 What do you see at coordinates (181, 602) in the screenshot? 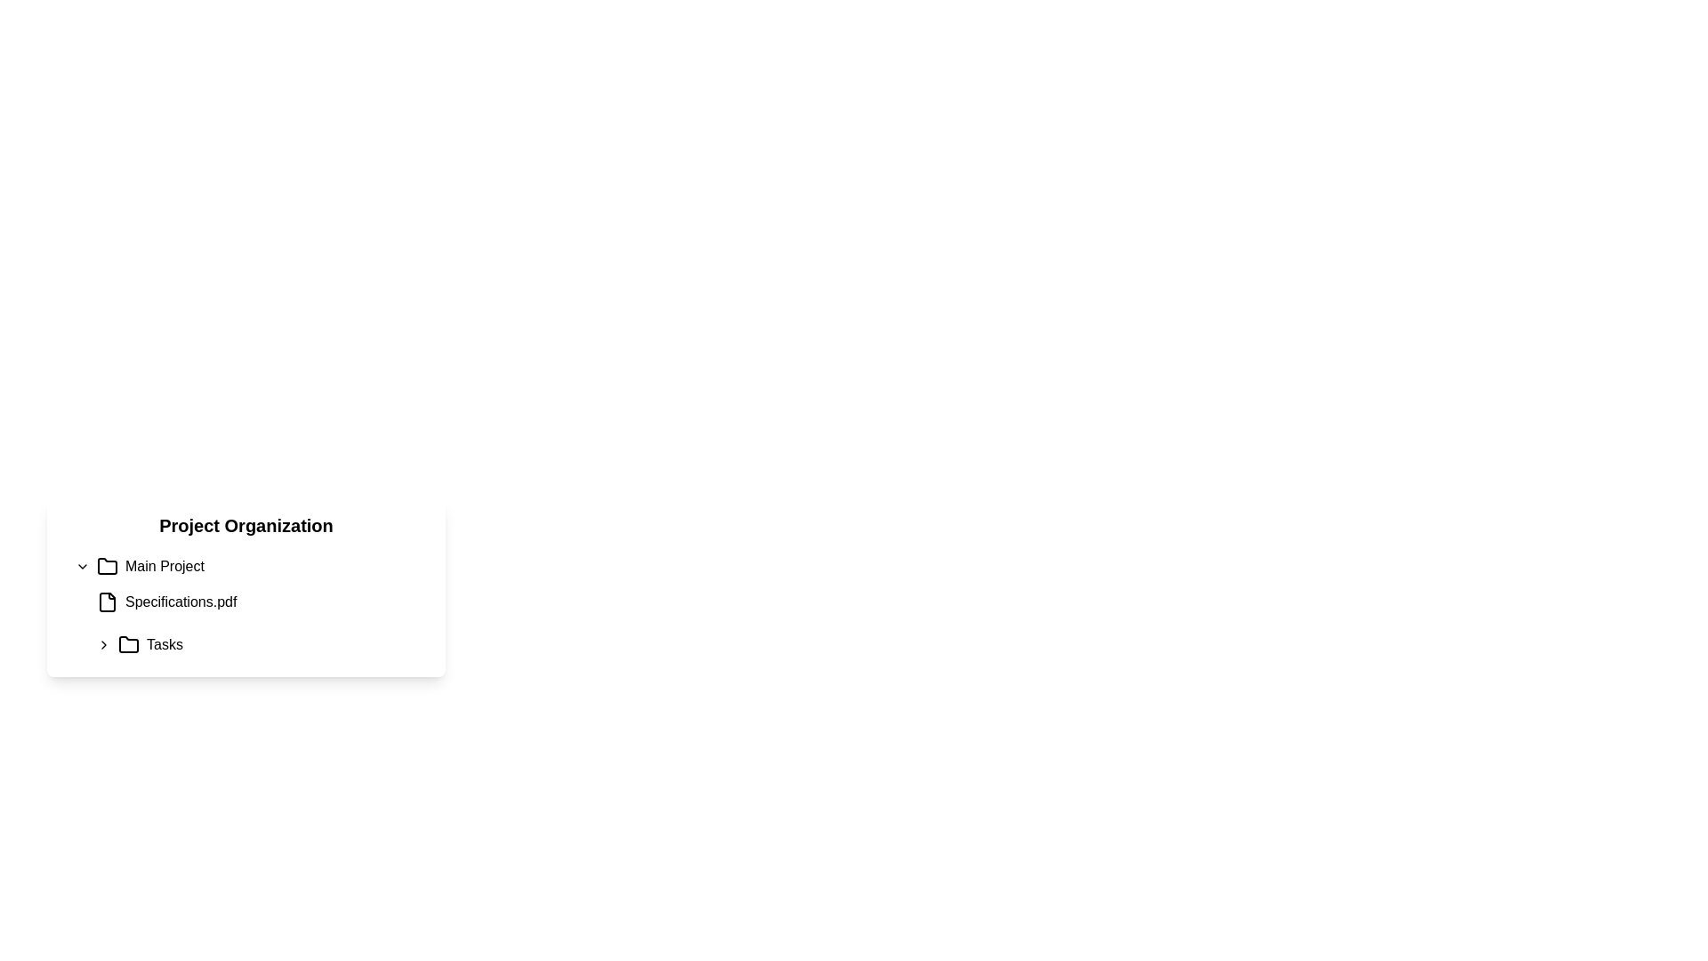
I see `the label displaying the filename 'Specifications.pdf'` at bounding box center [181, 602].